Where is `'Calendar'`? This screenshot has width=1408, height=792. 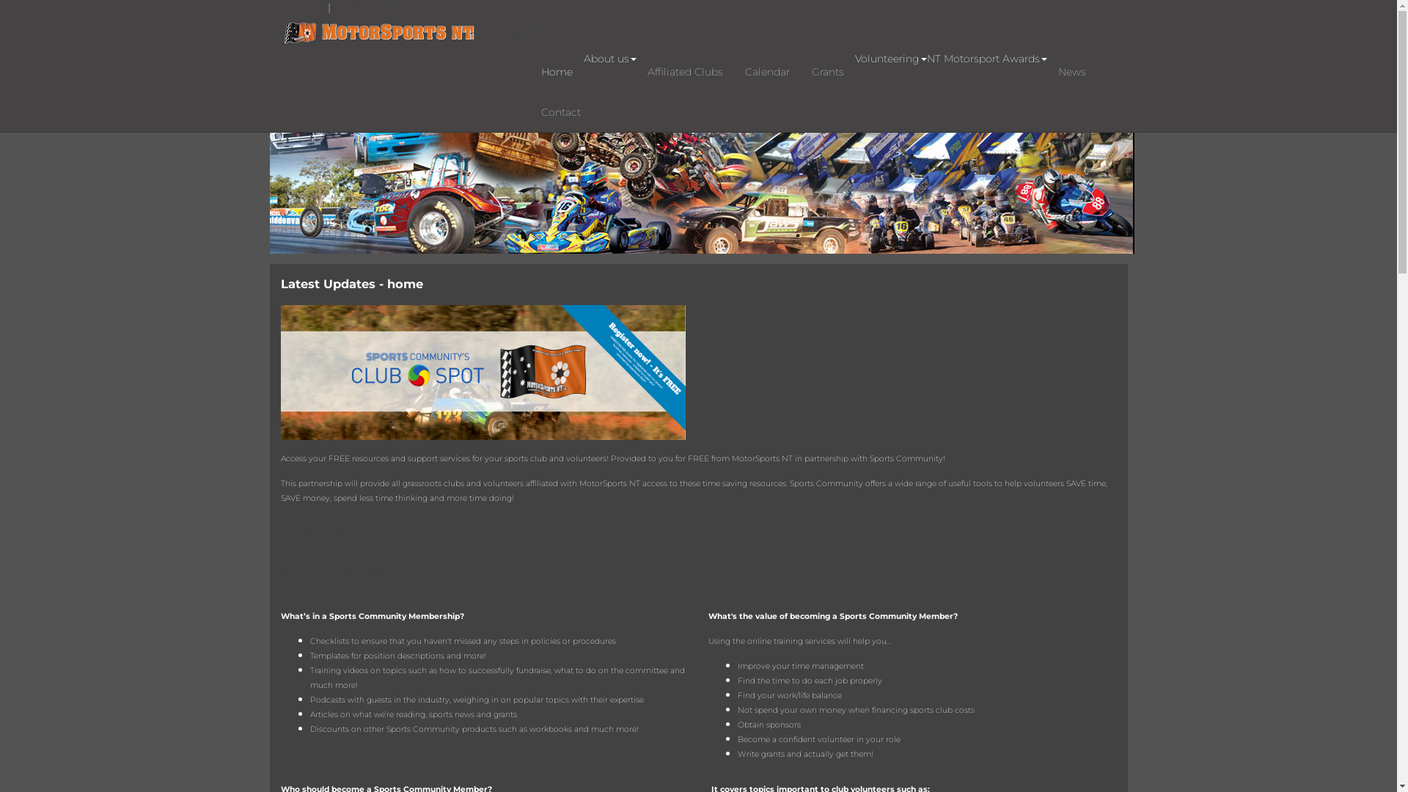
'Calendar' is located at coordinates (766, 71).